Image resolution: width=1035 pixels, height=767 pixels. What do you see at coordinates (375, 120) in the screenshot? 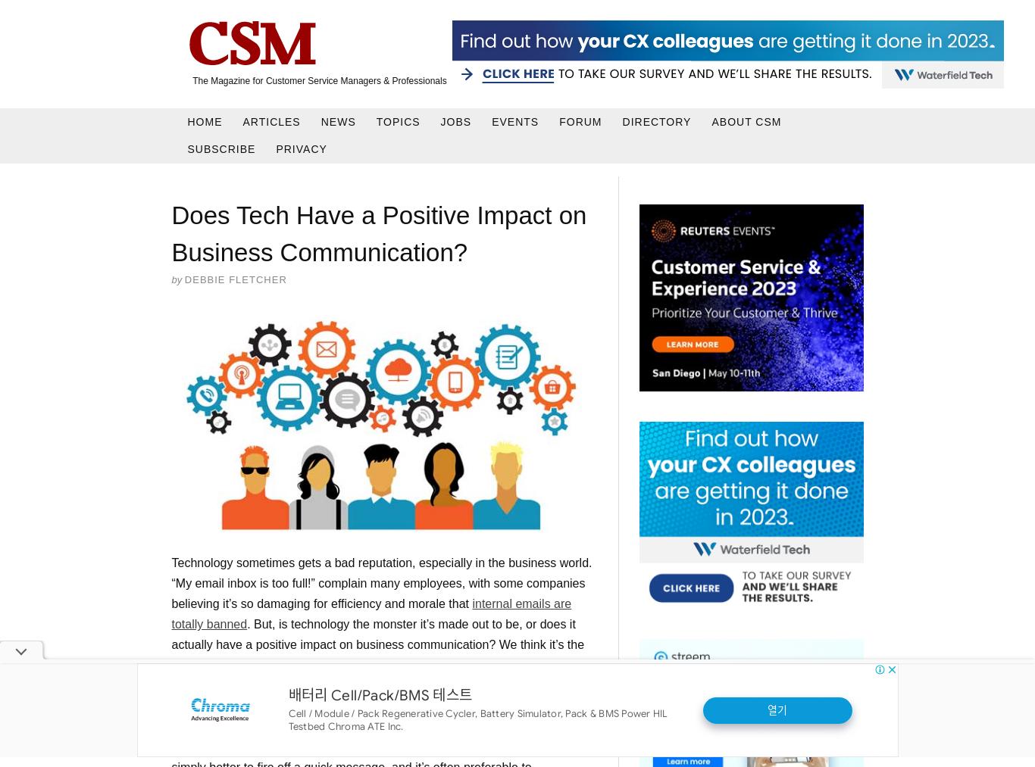
I see `'Topics'` at bounding box center [375, 120].